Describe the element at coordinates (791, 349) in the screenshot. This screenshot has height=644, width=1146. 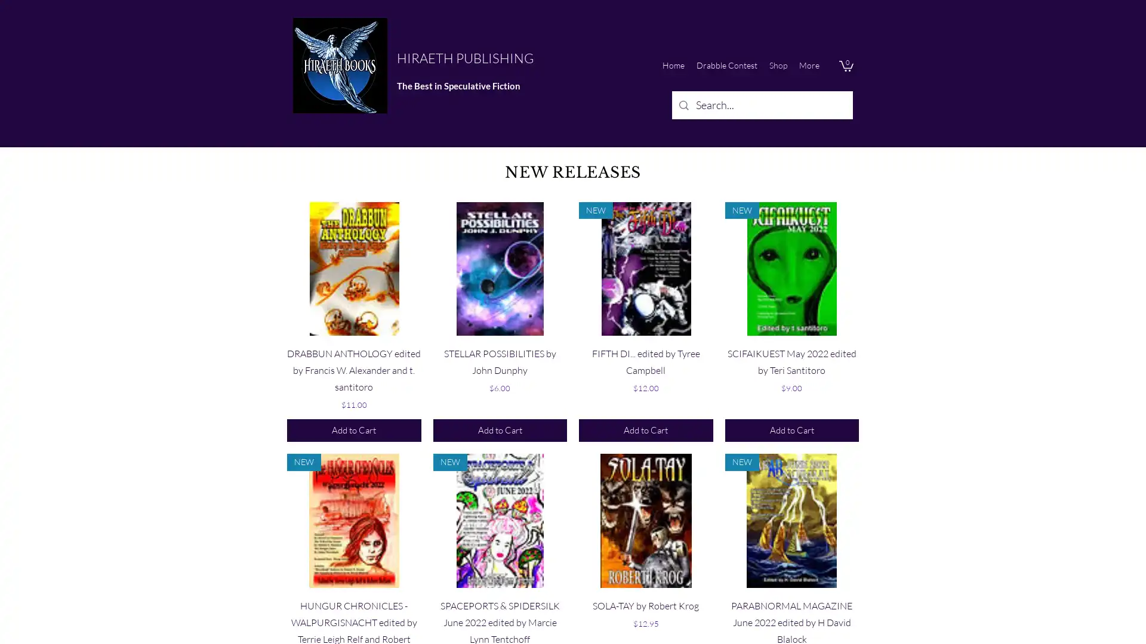
I see `Quick View` at that location.